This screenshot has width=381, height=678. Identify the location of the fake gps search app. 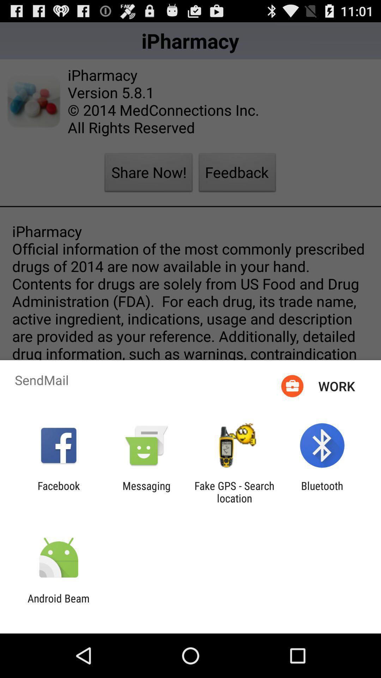
(234, 492).